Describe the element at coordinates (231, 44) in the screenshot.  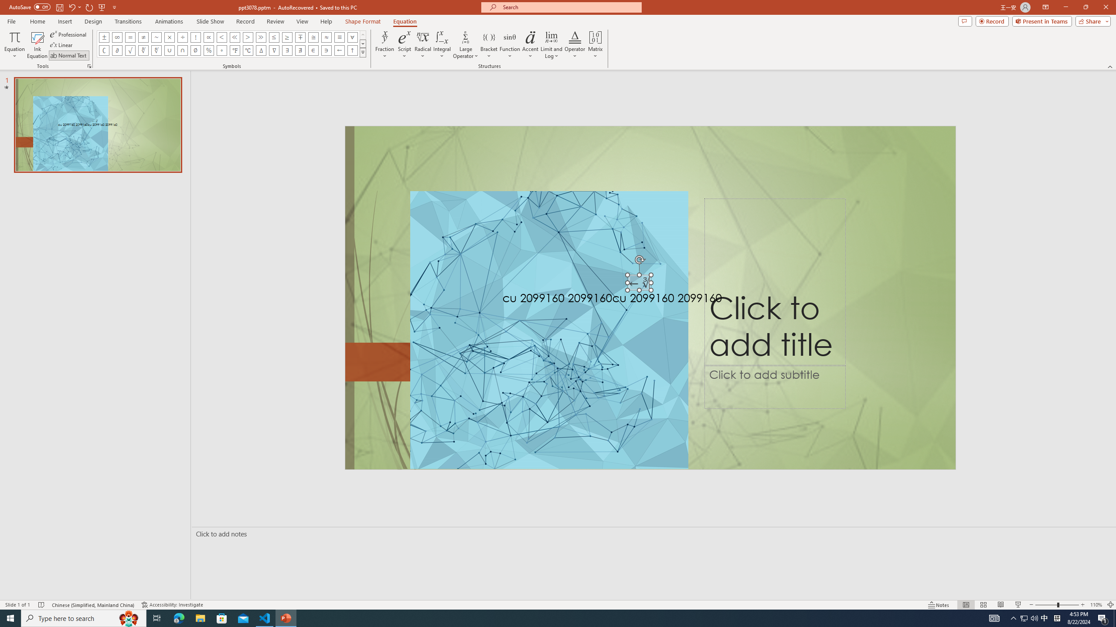
I see `'AutomationID: EquationSymbolsInsertGallery'` at that location.